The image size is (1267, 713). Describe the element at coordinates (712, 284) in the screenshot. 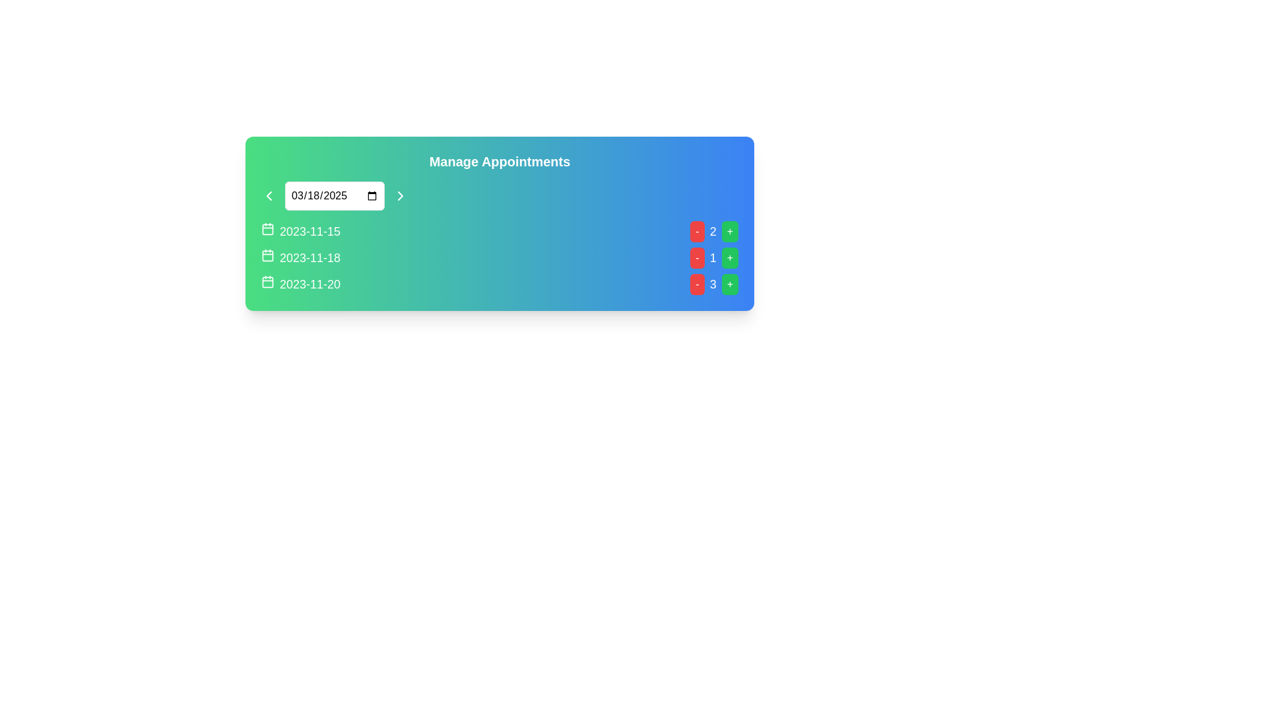

I see `the static text label displaying the number '3', which is centrally aligned between the decrement button '-' and the increment button '+', within a vertically stacked group of similar components` at that location.